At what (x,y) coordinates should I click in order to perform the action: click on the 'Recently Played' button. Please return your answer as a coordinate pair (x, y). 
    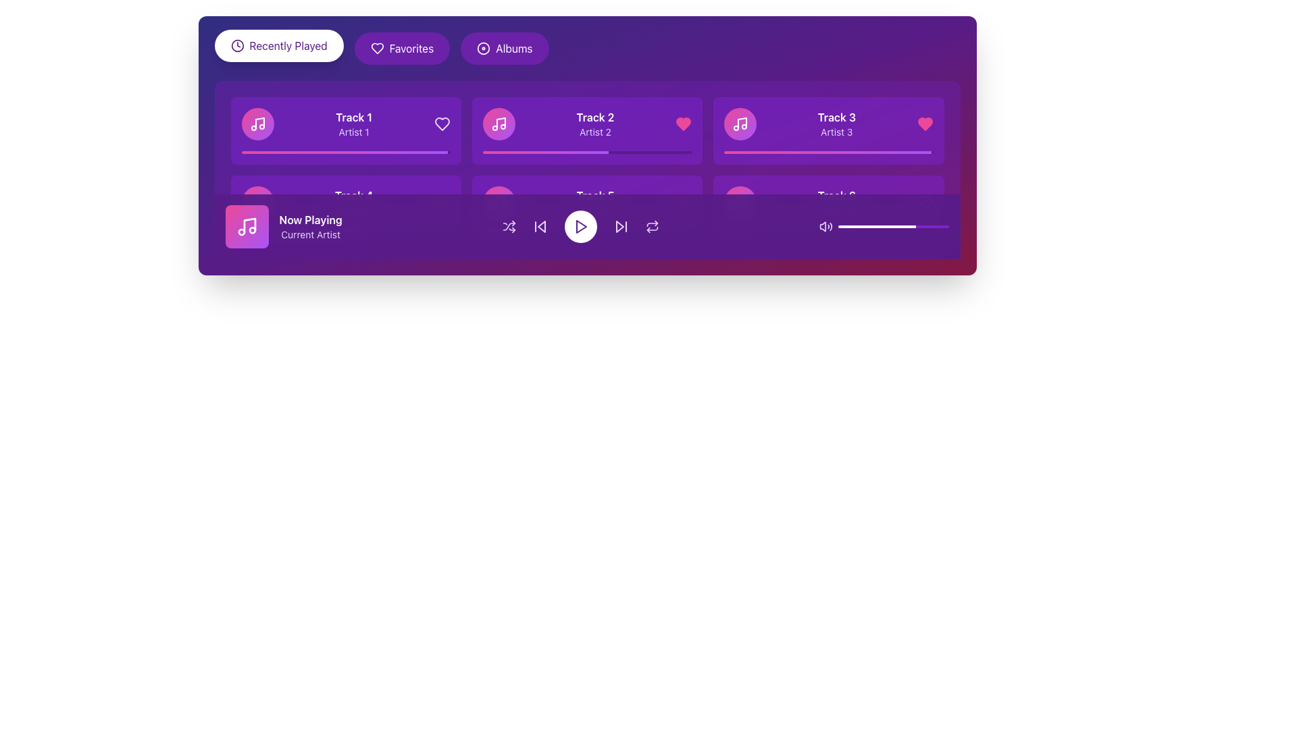
    Looking at the image, I should click on (278, 45).